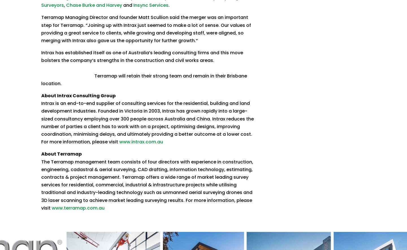 This screenshot has height=250, width=407. I want to click on 'About Intrax Consulting Group', so click(41, 95).